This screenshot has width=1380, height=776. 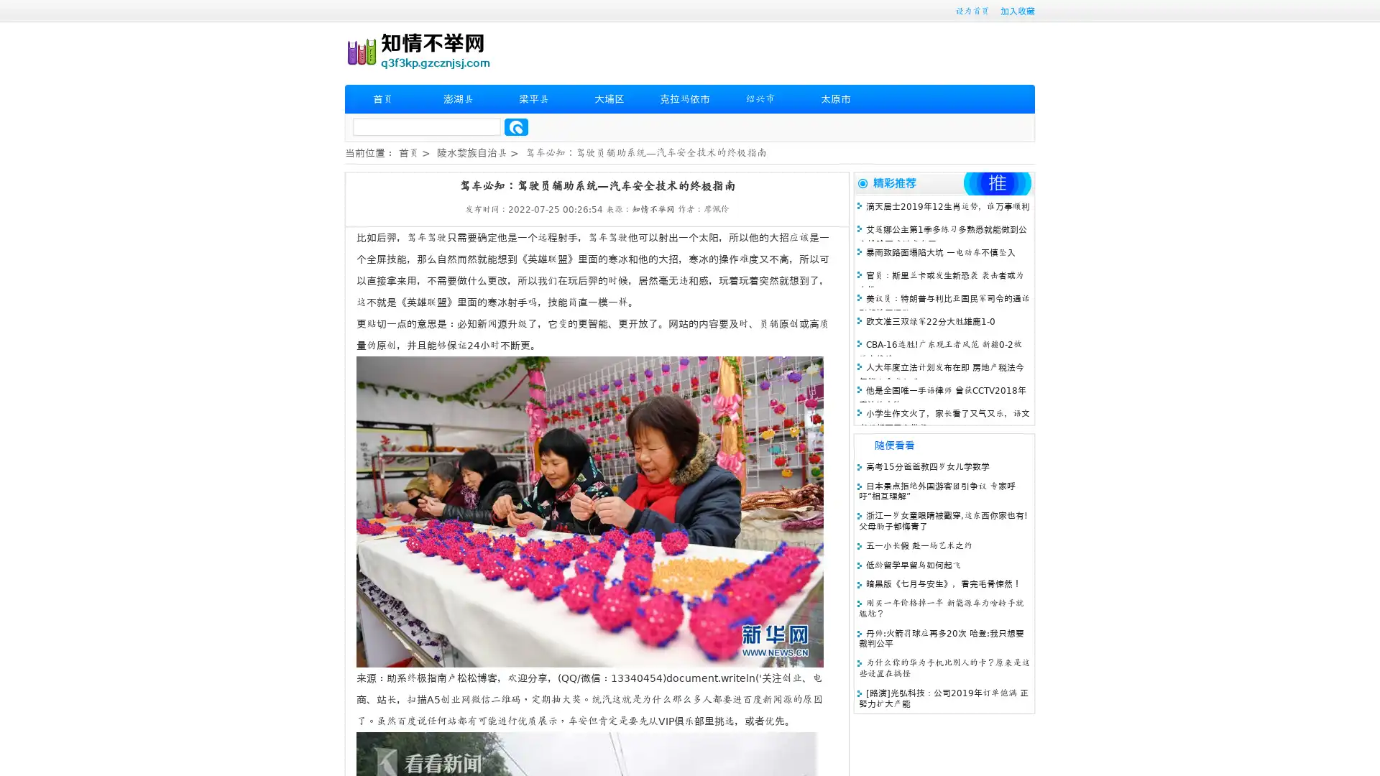 What do you see at coordinates (516, 126) in the screenshot?
I see `Search` at bounding box center [516, 126].